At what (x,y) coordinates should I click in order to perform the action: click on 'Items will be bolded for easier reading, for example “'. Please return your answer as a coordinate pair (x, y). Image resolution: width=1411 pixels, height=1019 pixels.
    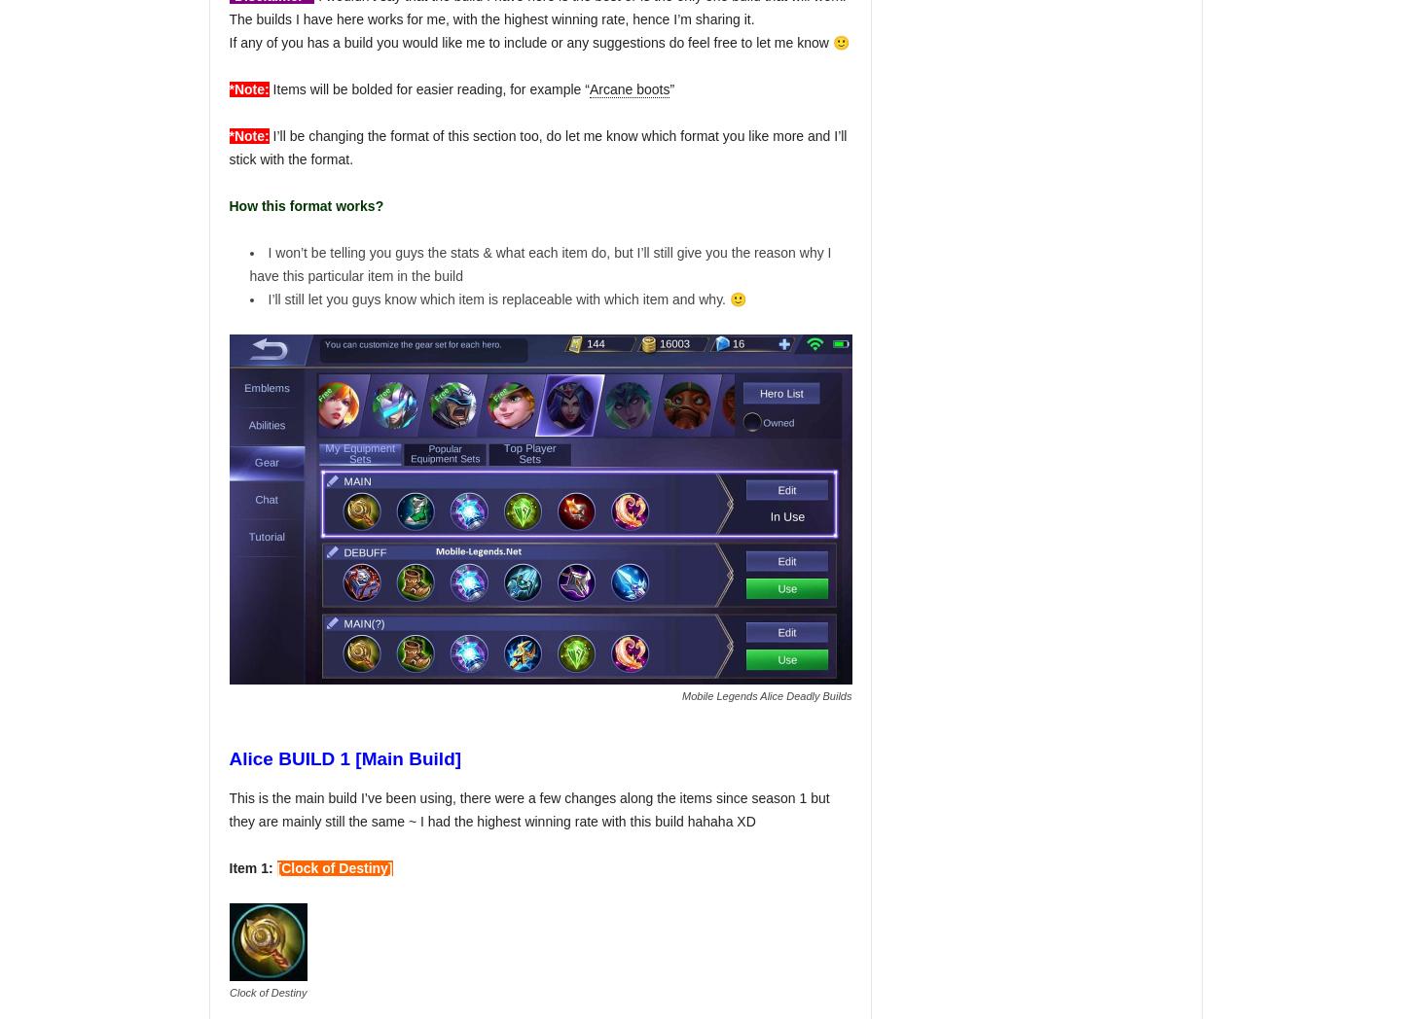
    Looking at the image, I should click on (427, 88).